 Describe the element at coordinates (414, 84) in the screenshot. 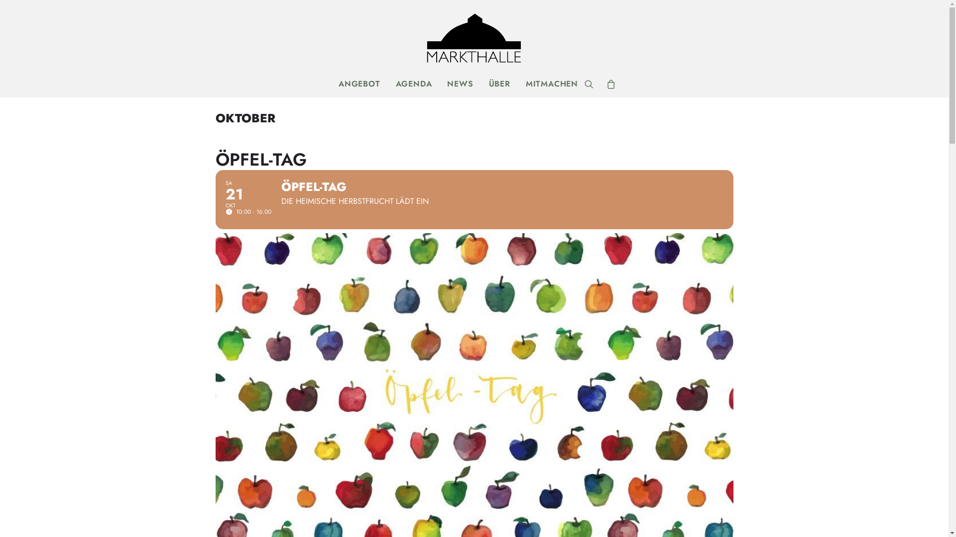

I see `'AGENDA'` at that location.